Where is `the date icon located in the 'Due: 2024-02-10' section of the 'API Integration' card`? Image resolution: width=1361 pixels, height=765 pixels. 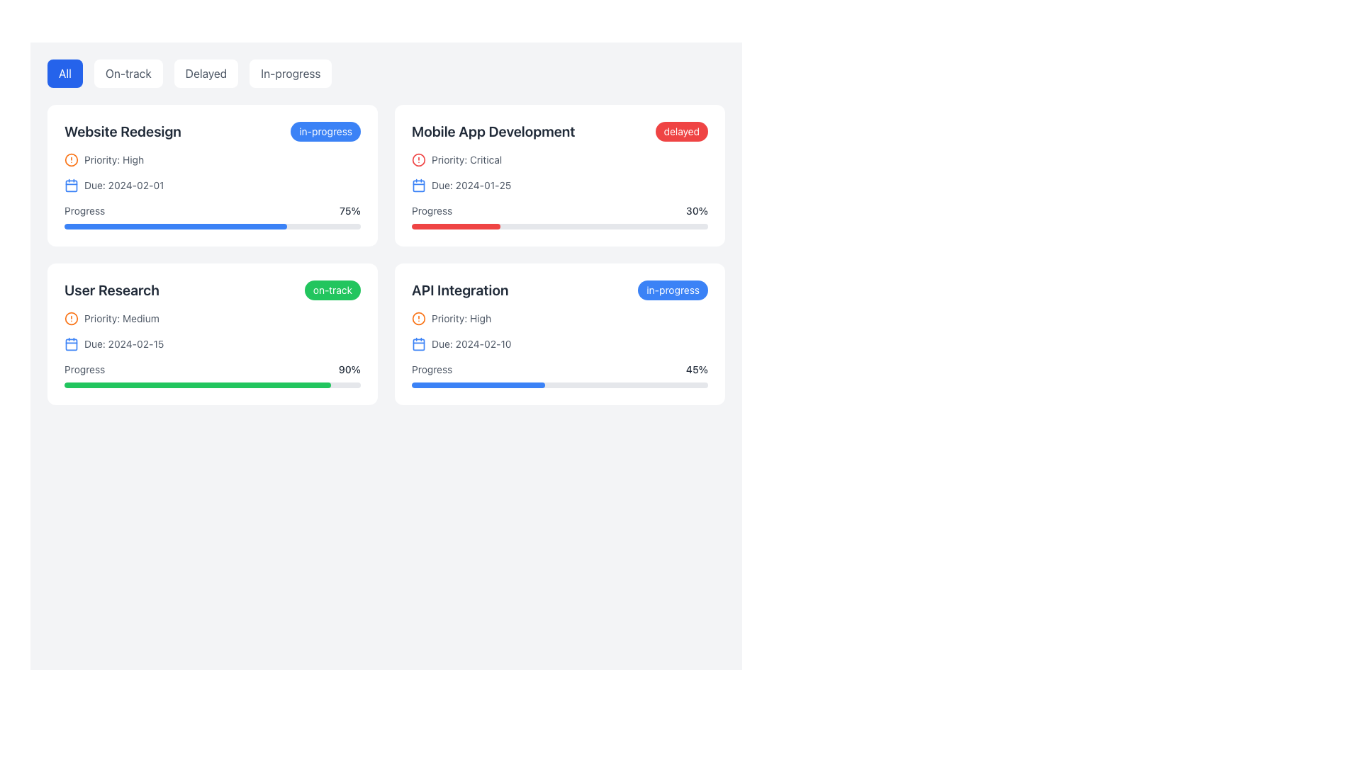 the date icon located in the 'Due: 2024-02-10' section of the 'API Integration' card is located at coordinates (418, 344).